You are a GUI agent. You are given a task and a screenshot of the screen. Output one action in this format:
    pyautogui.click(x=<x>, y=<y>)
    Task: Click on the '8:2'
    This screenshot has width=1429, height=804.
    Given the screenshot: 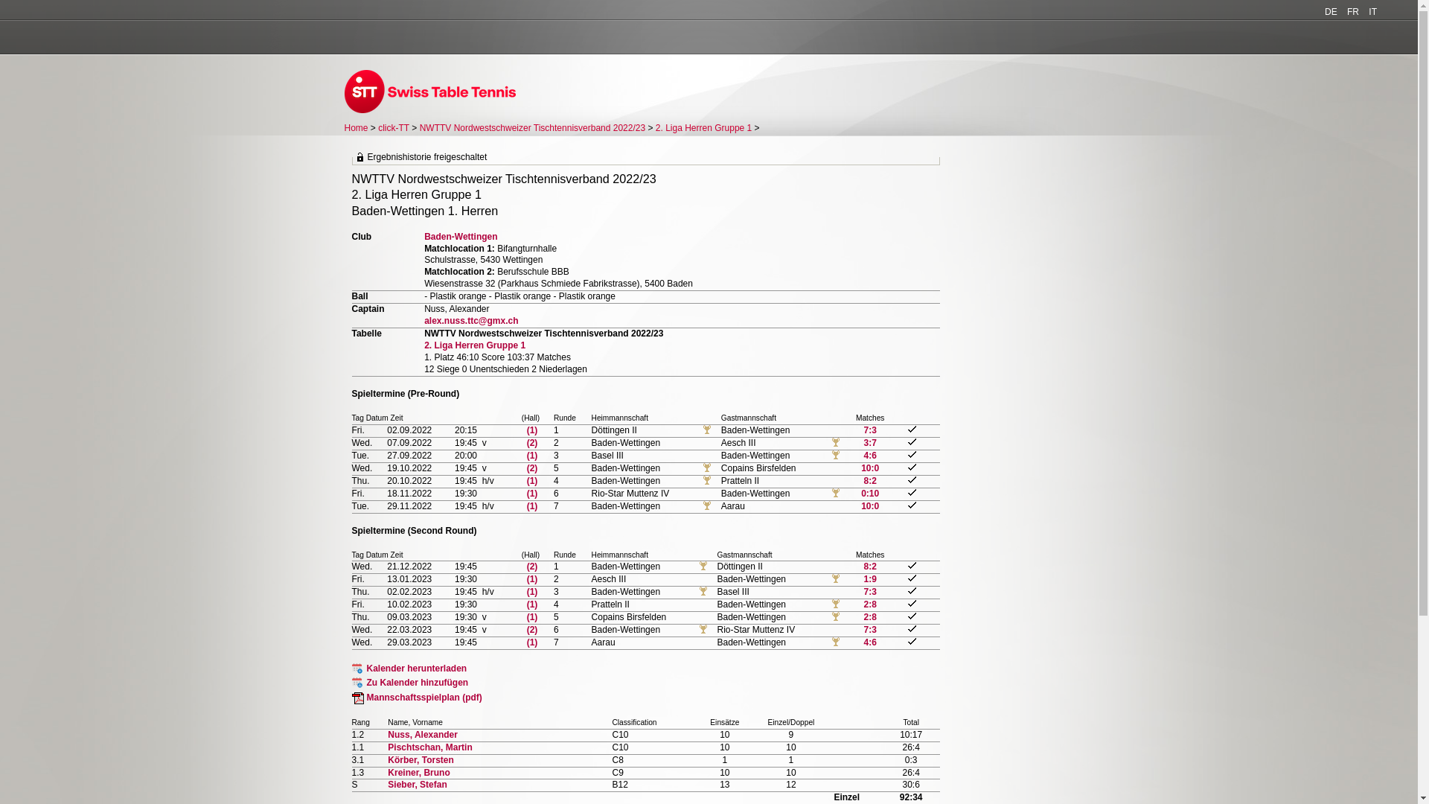 What is the action you would take?
    pyautogui.click(x=864, y=566)
    